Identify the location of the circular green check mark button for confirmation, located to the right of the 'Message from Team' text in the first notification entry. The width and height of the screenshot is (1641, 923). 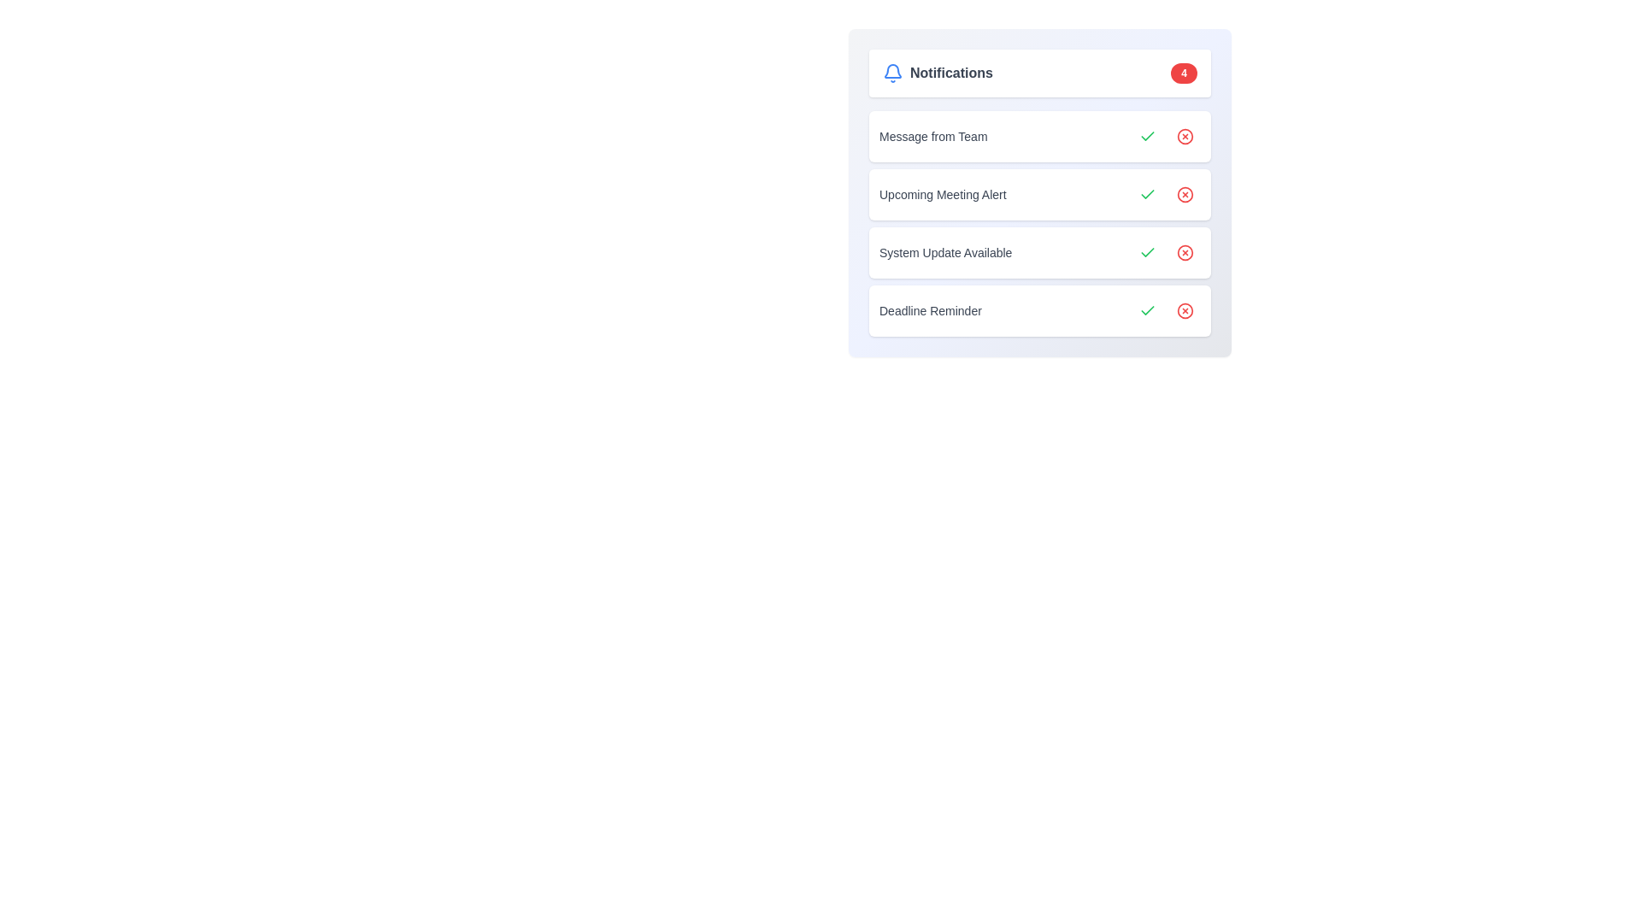
(1148, 135).